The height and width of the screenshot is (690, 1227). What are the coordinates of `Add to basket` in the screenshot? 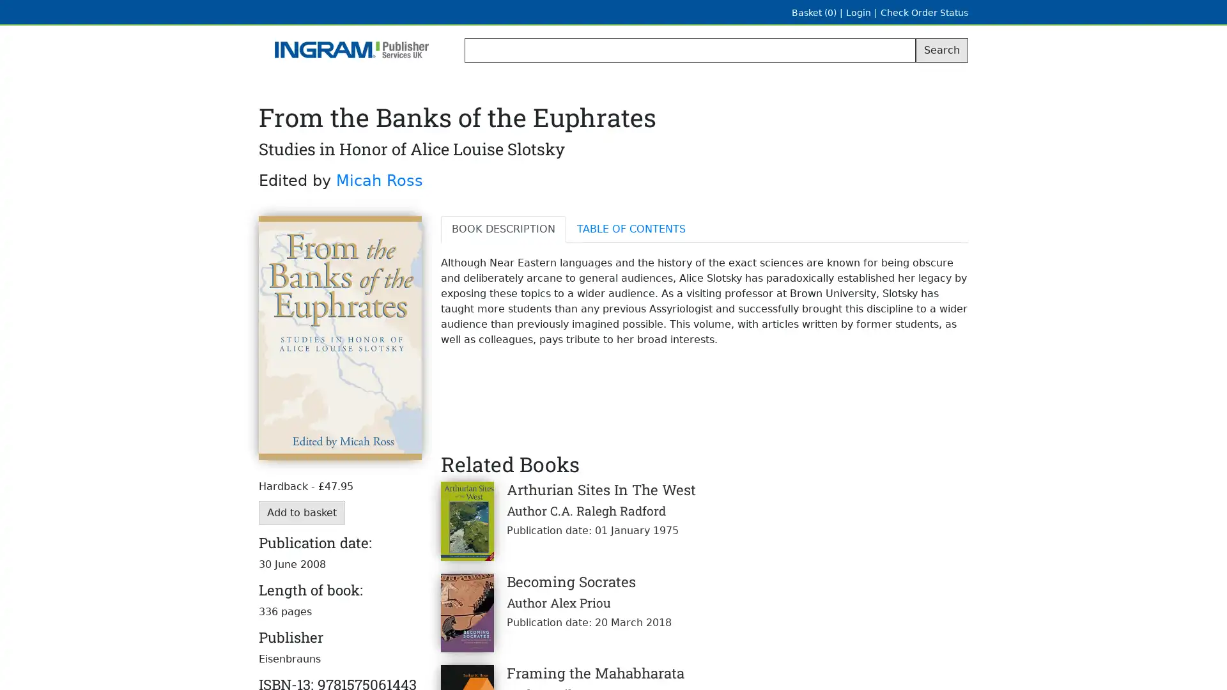 It's located at (301, 512).